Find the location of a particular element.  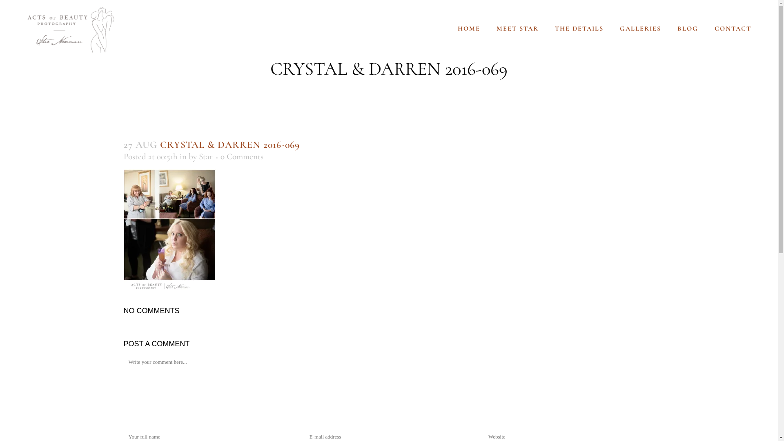

'Star' is located at coordinates (198, 156).